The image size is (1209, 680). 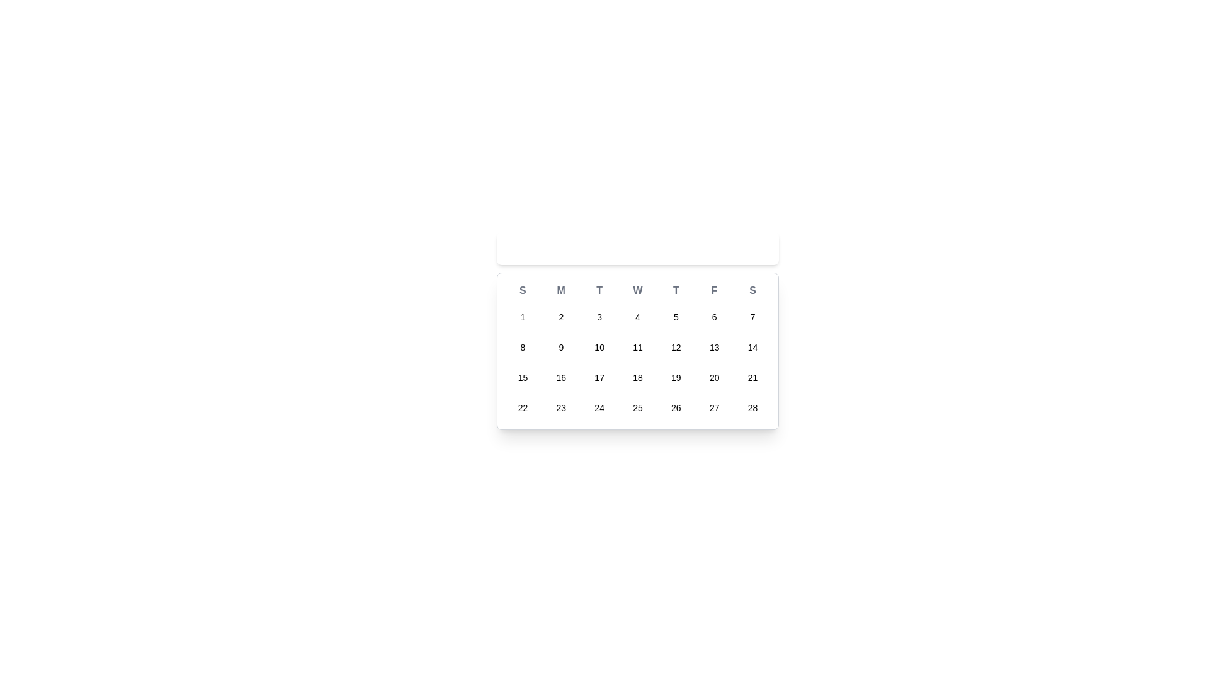 What do you see at coordinates (599, 291) in the screenshot?
I see `the bold, centered static text label displaying the letter 'T' in gray color, located in the third column of the header row of the calendar interface` at bounding box center [599, 291].